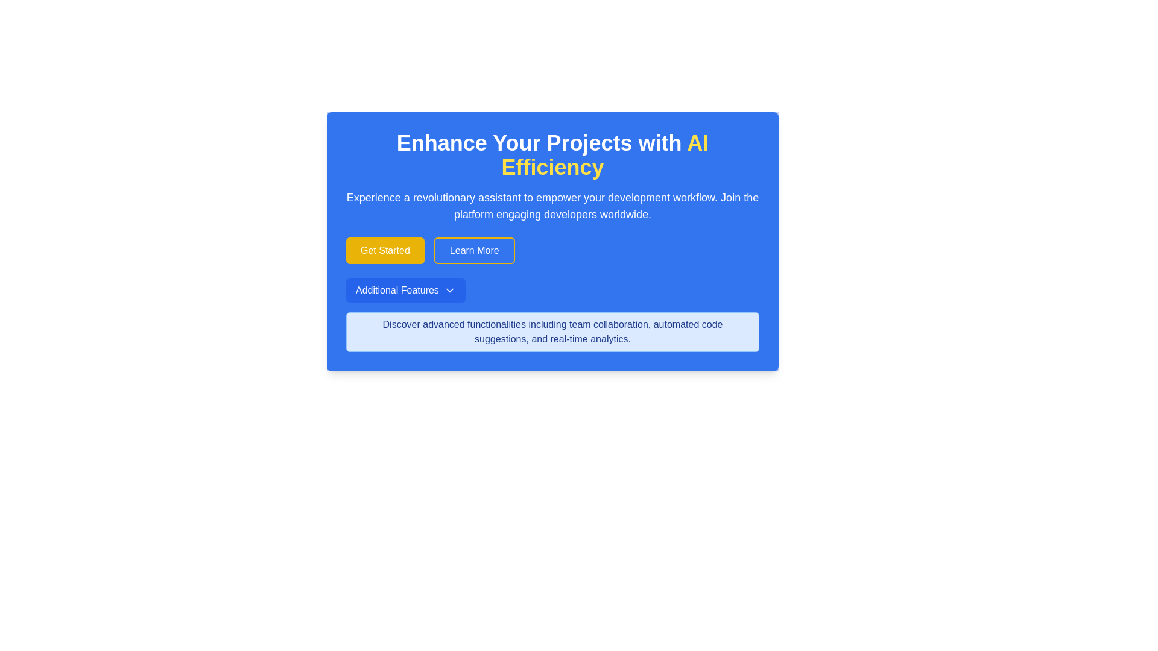  I want to click on the button located immediately to the right of the 'Get Started' yellow button, which triggers a hover effect, so click(473, 250).